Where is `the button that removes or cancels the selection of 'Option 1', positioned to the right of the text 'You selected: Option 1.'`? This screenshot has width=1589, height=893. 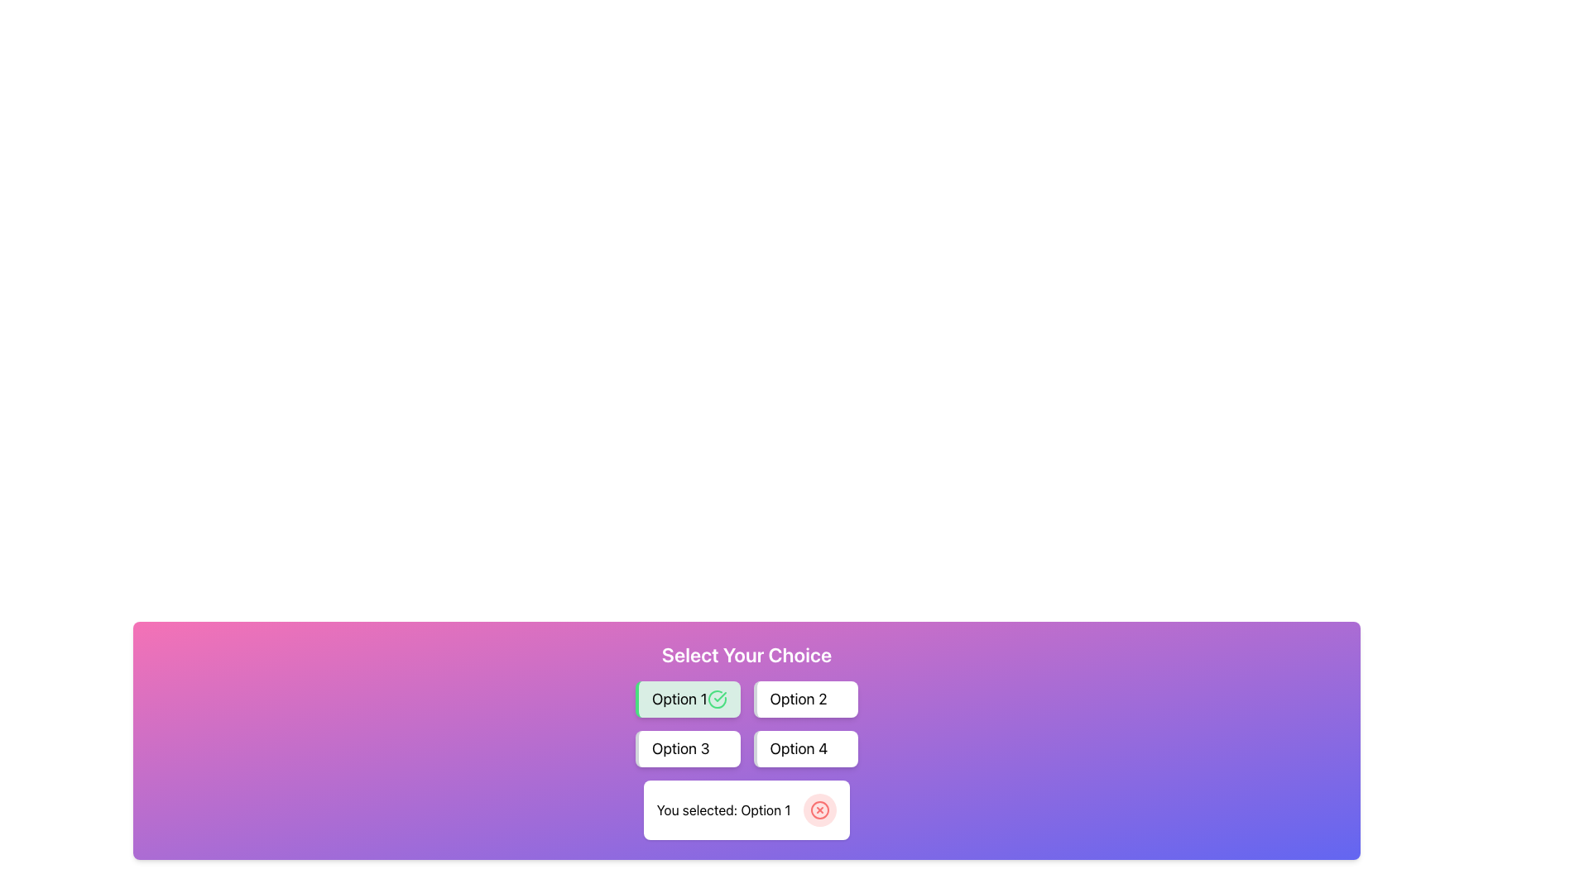 the button that removes or cancels the selection of 'Option 1', positioned to the right of the text 'You selected: Option 1.' is located at coordinates (820, 809).